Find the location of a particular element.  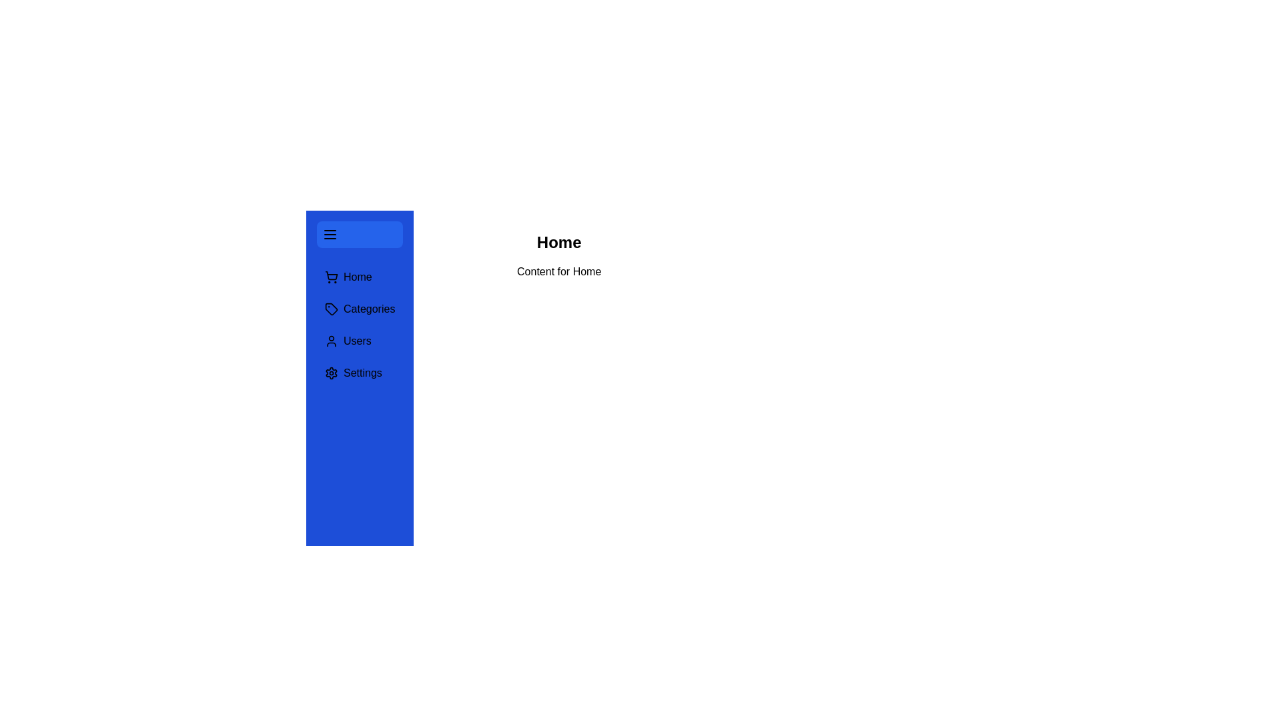

the toggle button to toggle the navigation drawer is located at coordinates (330, 233).